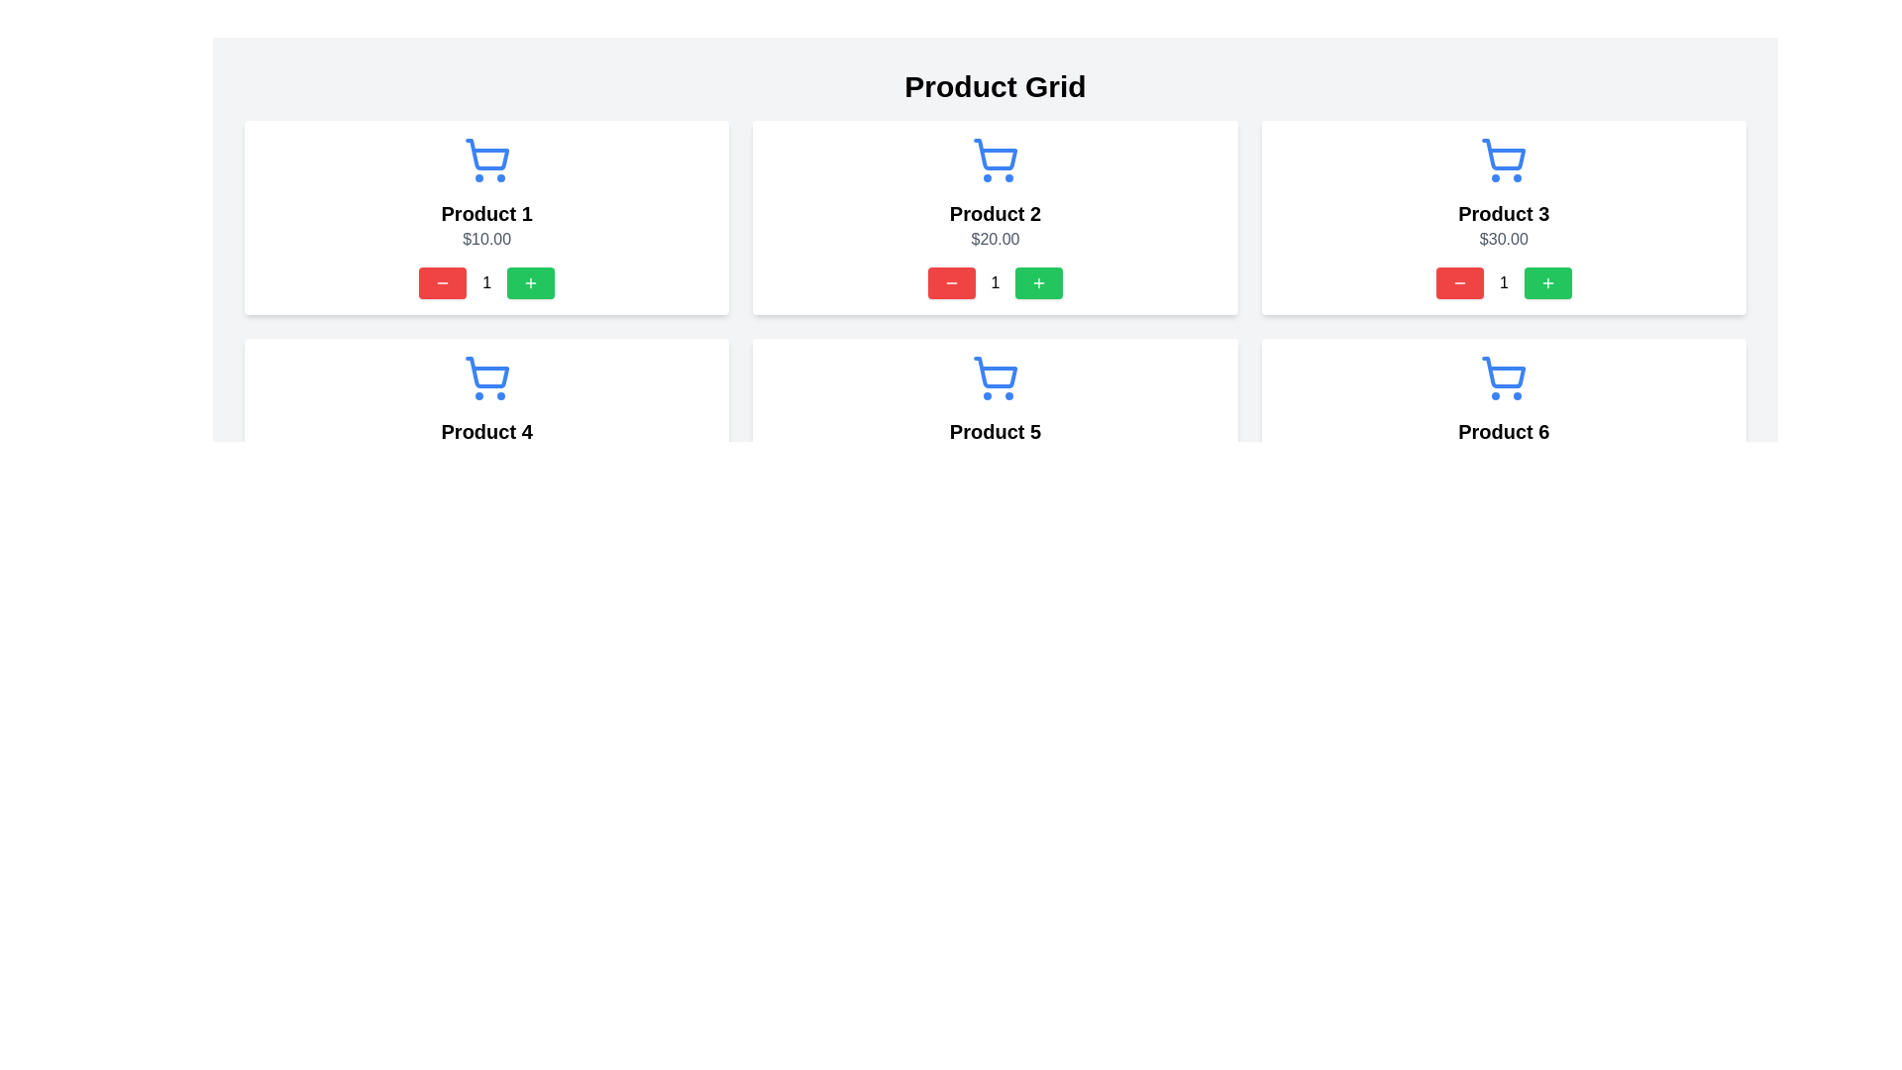 This screenshot has width=1902, height=1070. Describe the element at coordinates (442, 282) in the screenshot. I see `the decrement SVG icon located within the button in the bottom-left corner of the 'Product 1' card to reduce the quantity` at that location.